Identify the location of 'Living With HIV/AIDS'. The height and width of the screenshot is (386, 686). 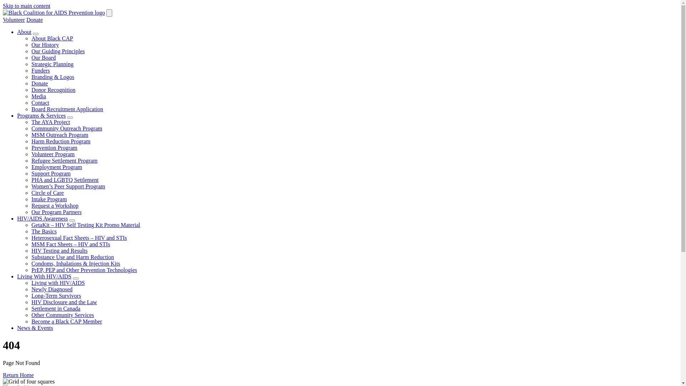
(44, 276).